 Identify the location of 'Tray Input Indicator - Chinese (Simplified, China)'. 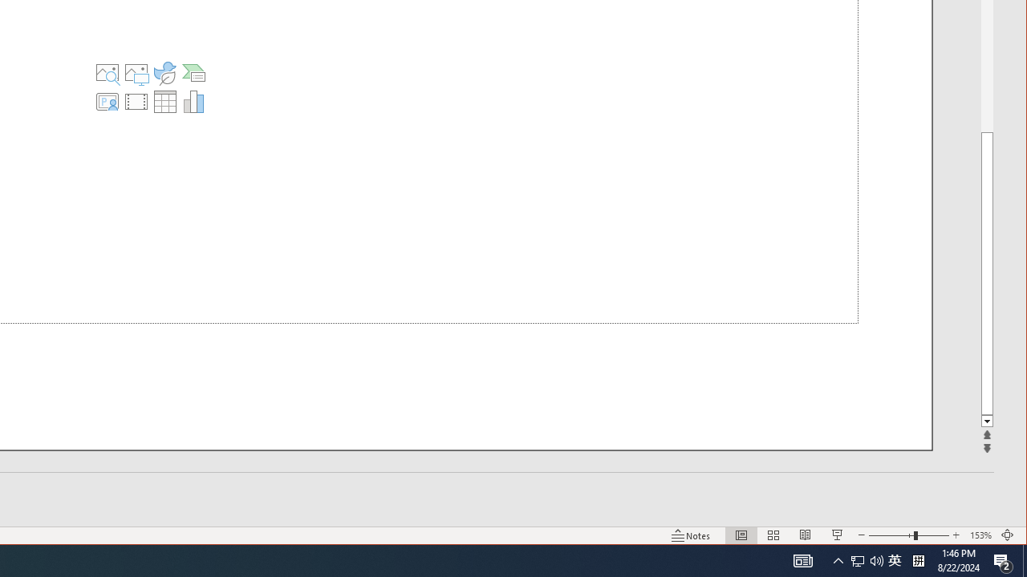
(918, 559).